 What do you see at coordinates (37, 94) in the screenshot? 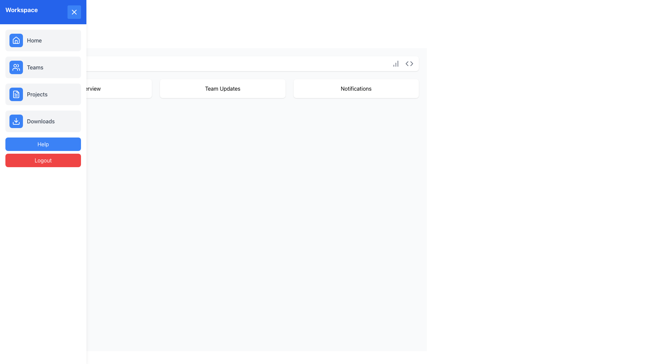
I see `the 'Projects' static text label located in the vertical sidebar menu on the left side of the interface` at bounding box center [37, 94].